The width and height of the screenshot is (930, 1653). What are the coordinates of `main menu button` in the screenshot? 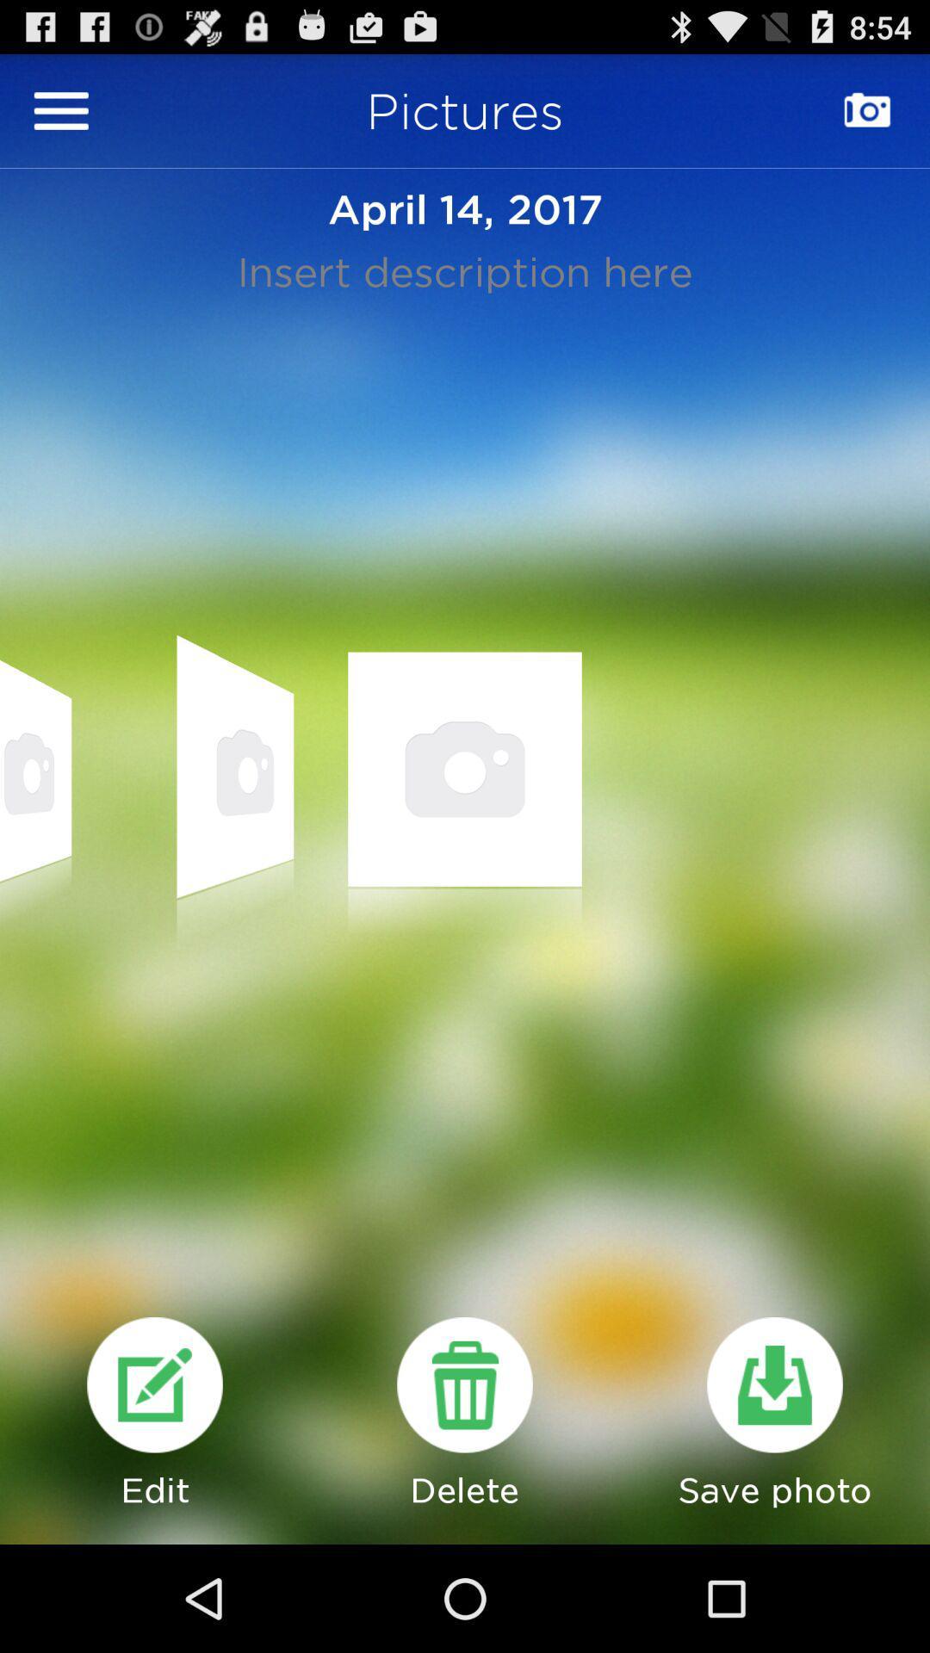 It's located at (60, 110).